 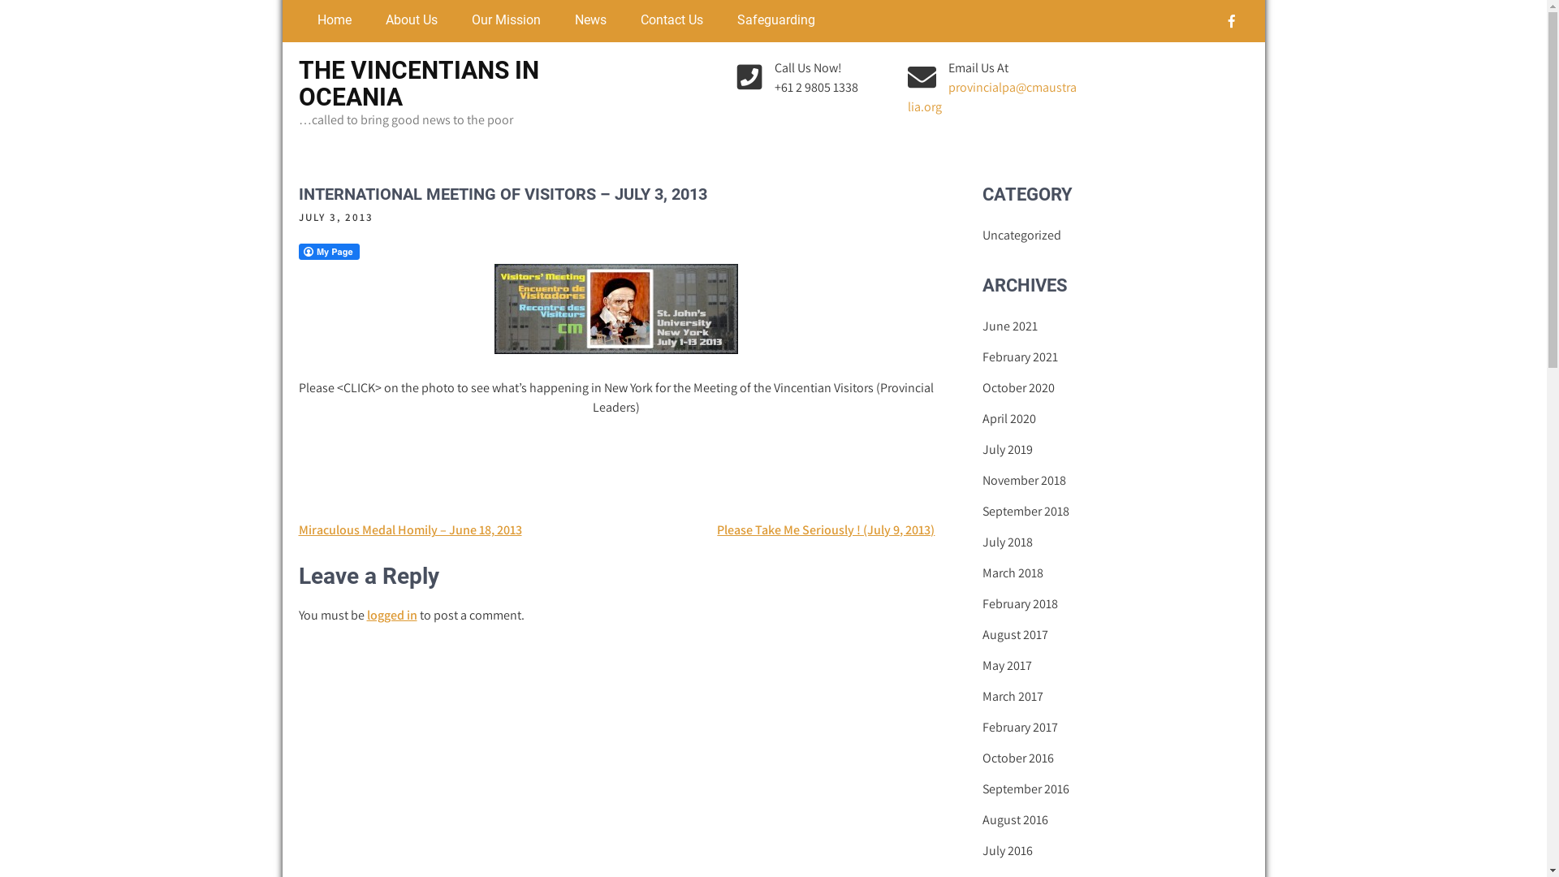 What do you see at coordinates (1008, 418) in the screenshot?
I see `'April 2020'` at bounding box center [1008, 418].